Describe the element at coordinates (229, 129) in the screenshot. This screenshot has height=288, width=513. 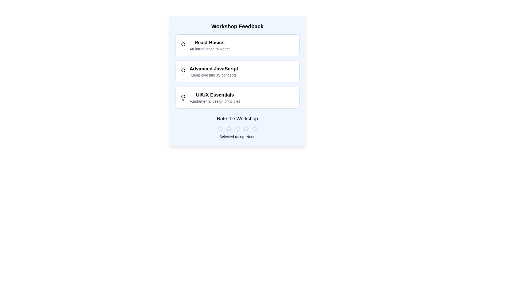
I see `the second star in the row of five stars under the 'Rate the Workshop' section` at that location.